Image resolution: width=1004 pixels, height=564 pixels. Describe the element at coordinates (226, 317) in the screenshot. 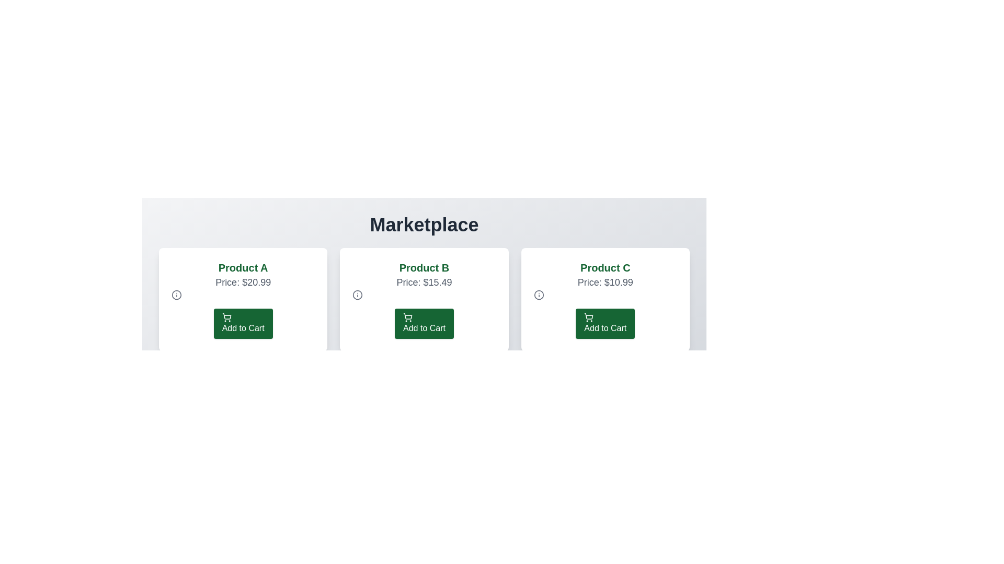

I see `the shopping cart icon outlined in white, which is positioned on a green rectangular button to the left of the 'Add to Cart' label below the 'Product A' card` at that location.